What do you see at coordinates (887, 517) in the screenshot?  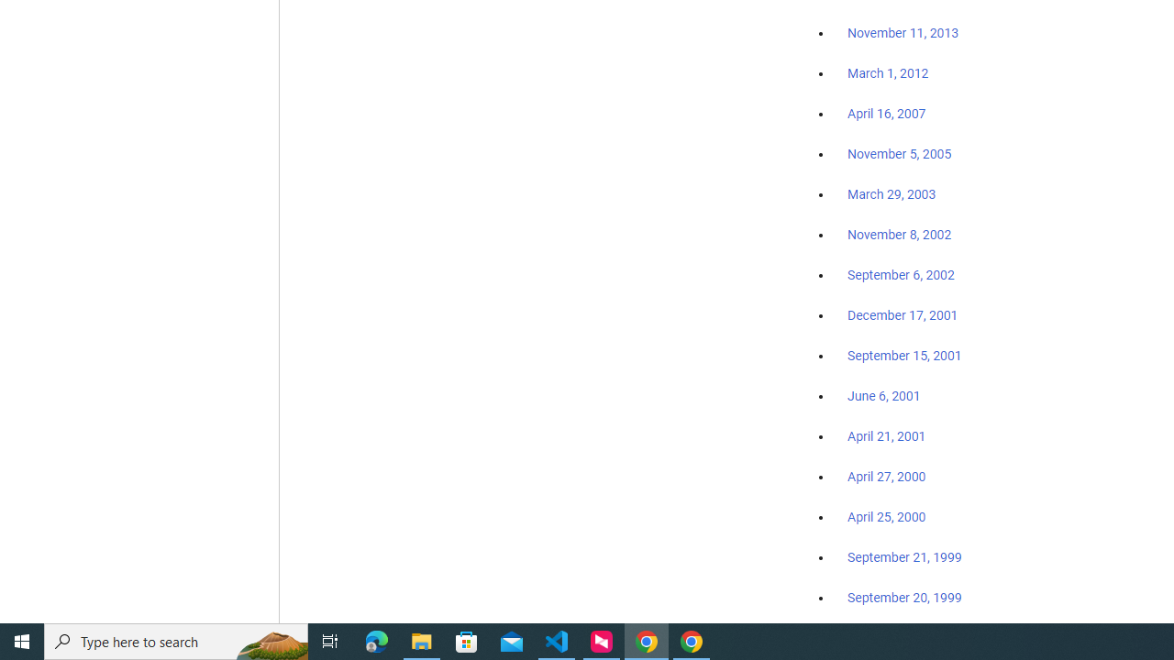 I see `'April 25, 2000'` at bounding box center [887, 517].